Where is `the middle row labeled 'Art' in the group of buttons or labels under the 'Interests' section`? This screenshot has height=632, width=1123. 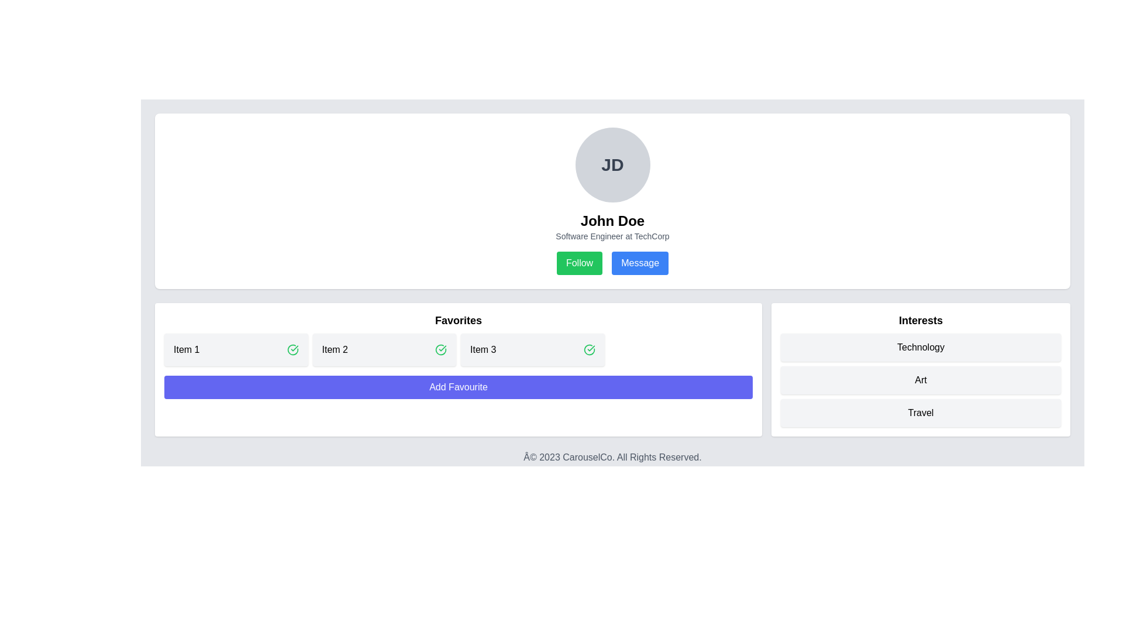
the middle row labeled 'Art' in the group of buttons or labels under the 'Interests' section is located at coordinates (920, 380).